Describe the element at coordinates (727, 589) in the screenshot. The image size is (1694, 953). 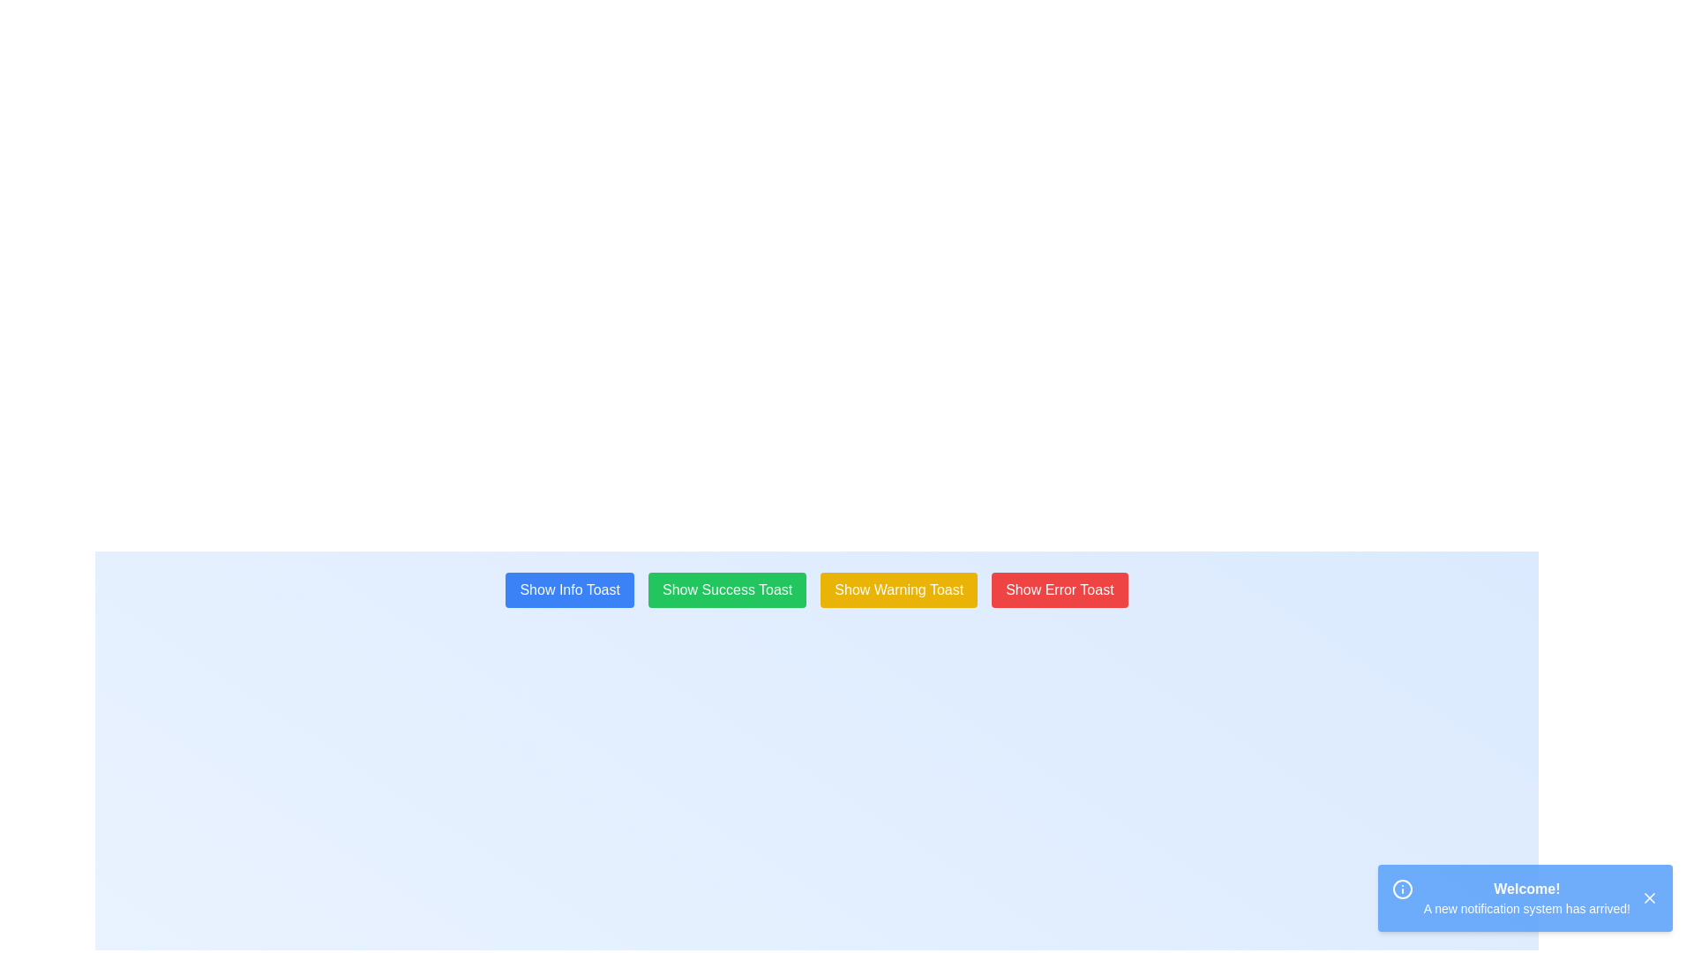
I see `the green button labeled 'Show Success Toast' located between the 'Show Info Toast' and 'Show Warning Toast' buttons` at that location.